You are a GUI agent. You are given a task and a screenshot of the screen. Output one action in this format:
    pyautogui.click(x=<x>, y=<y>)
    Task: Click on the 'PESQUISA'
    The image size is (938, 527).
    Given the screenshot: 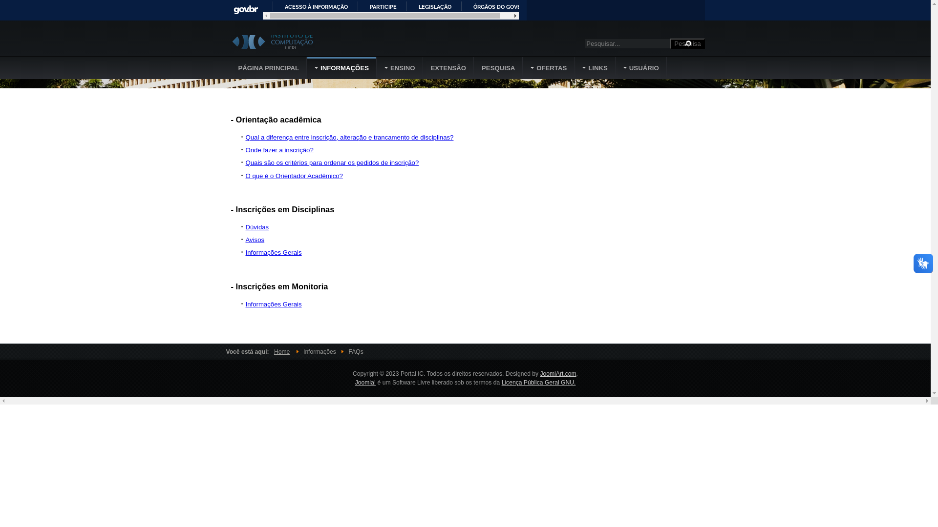 What is the action you would take?
    pyautogui.click(x=474, y=67)
    